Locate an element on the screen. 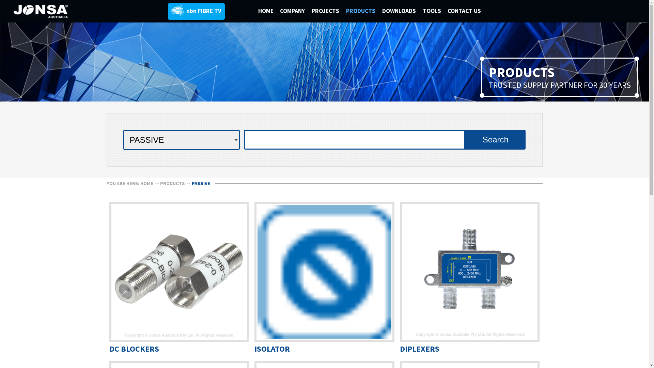 This screenshot has height=368, width=654. 'DOWNLOADS' is located at coordinates (402, 11).